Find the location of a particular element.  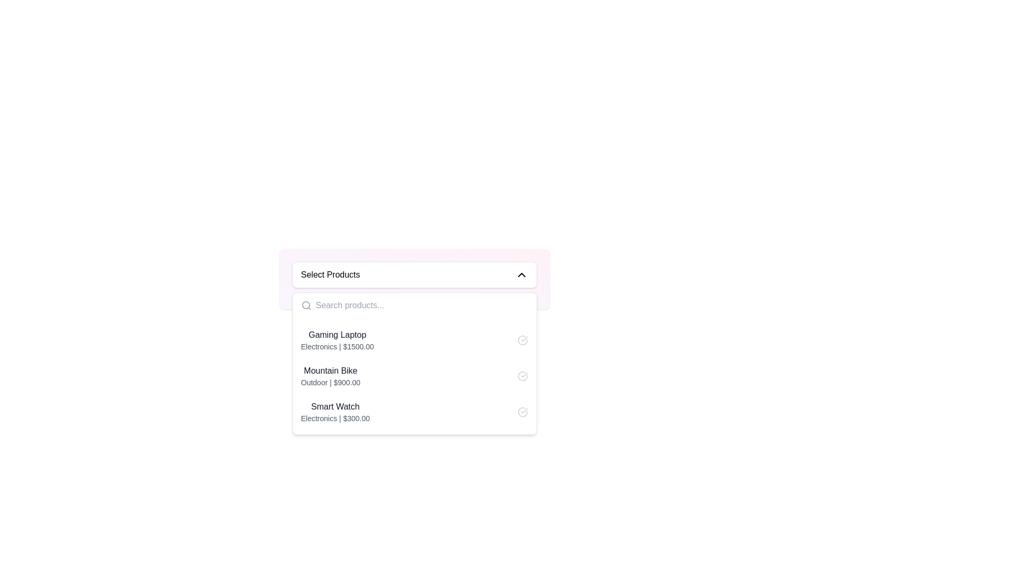

the text label that provides additional details about the product category and price, which follows the 'Smart Watch' title and is the last entry in the dropdown list is located at coordinates (335, 418).